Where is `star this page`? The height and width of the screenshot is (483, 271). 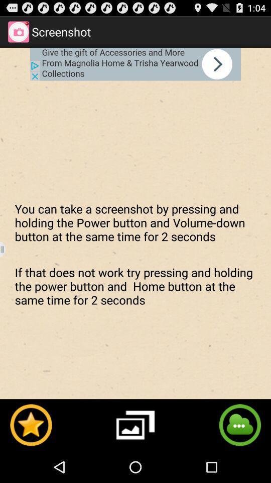 star this page is located at coordinates (31, 424).